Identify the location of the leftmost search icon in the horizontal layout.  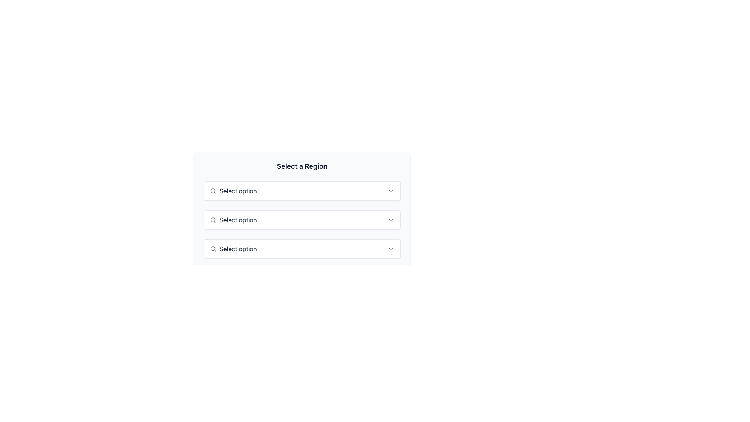
(213, 191).